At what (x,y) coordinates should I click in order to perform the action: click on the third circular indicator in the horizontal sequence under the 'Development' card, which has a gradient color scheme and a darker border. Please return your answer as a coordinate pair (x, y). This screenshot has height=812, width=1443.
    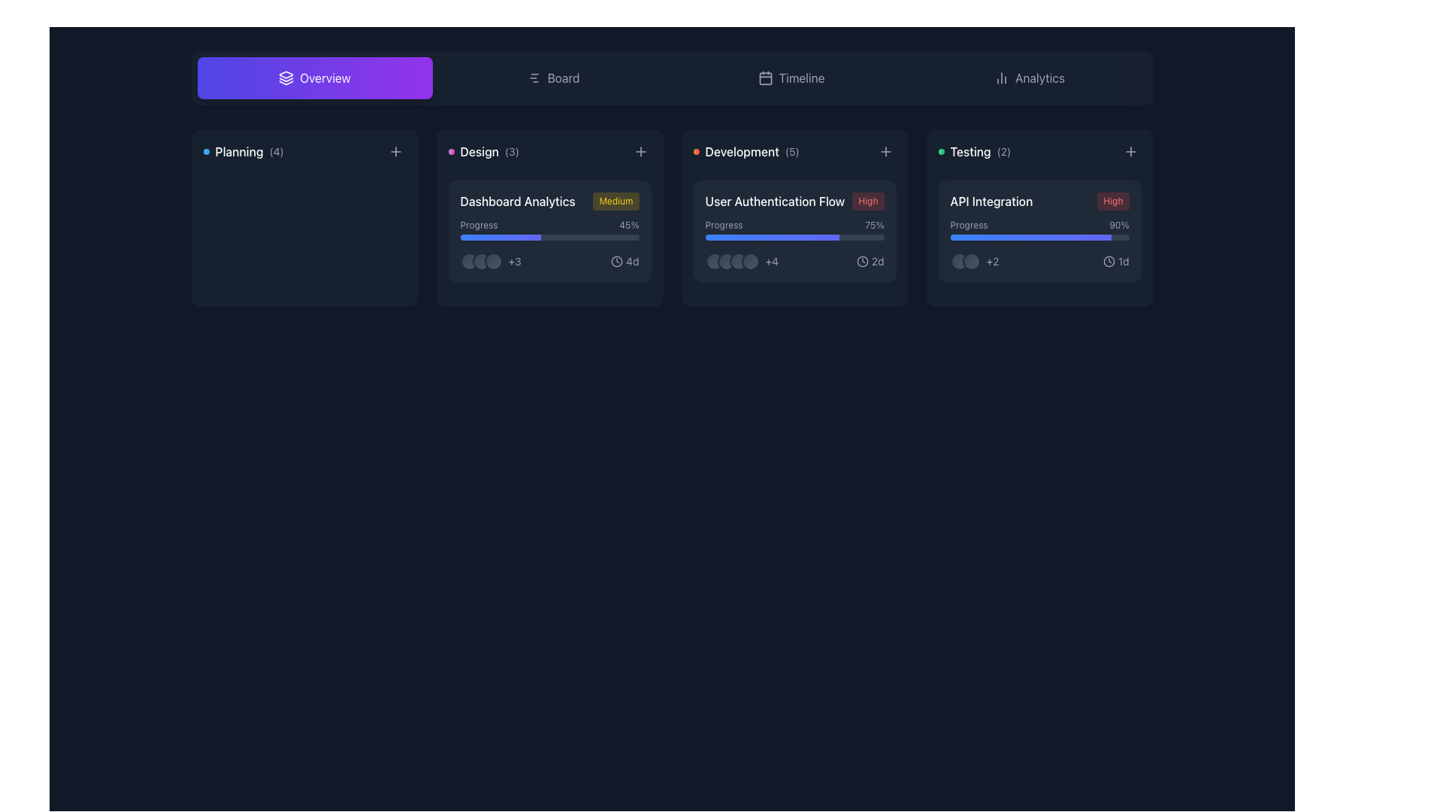
    Looking at the image, I should click on (738, 260).